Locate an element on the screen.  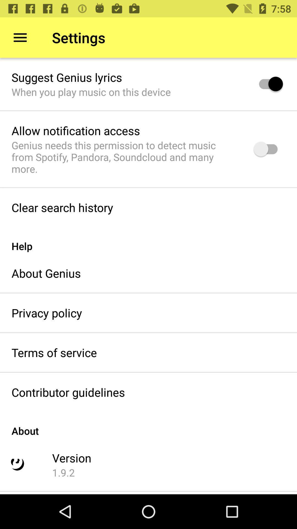
the privacy policy item is located at coordinates (46, 313).